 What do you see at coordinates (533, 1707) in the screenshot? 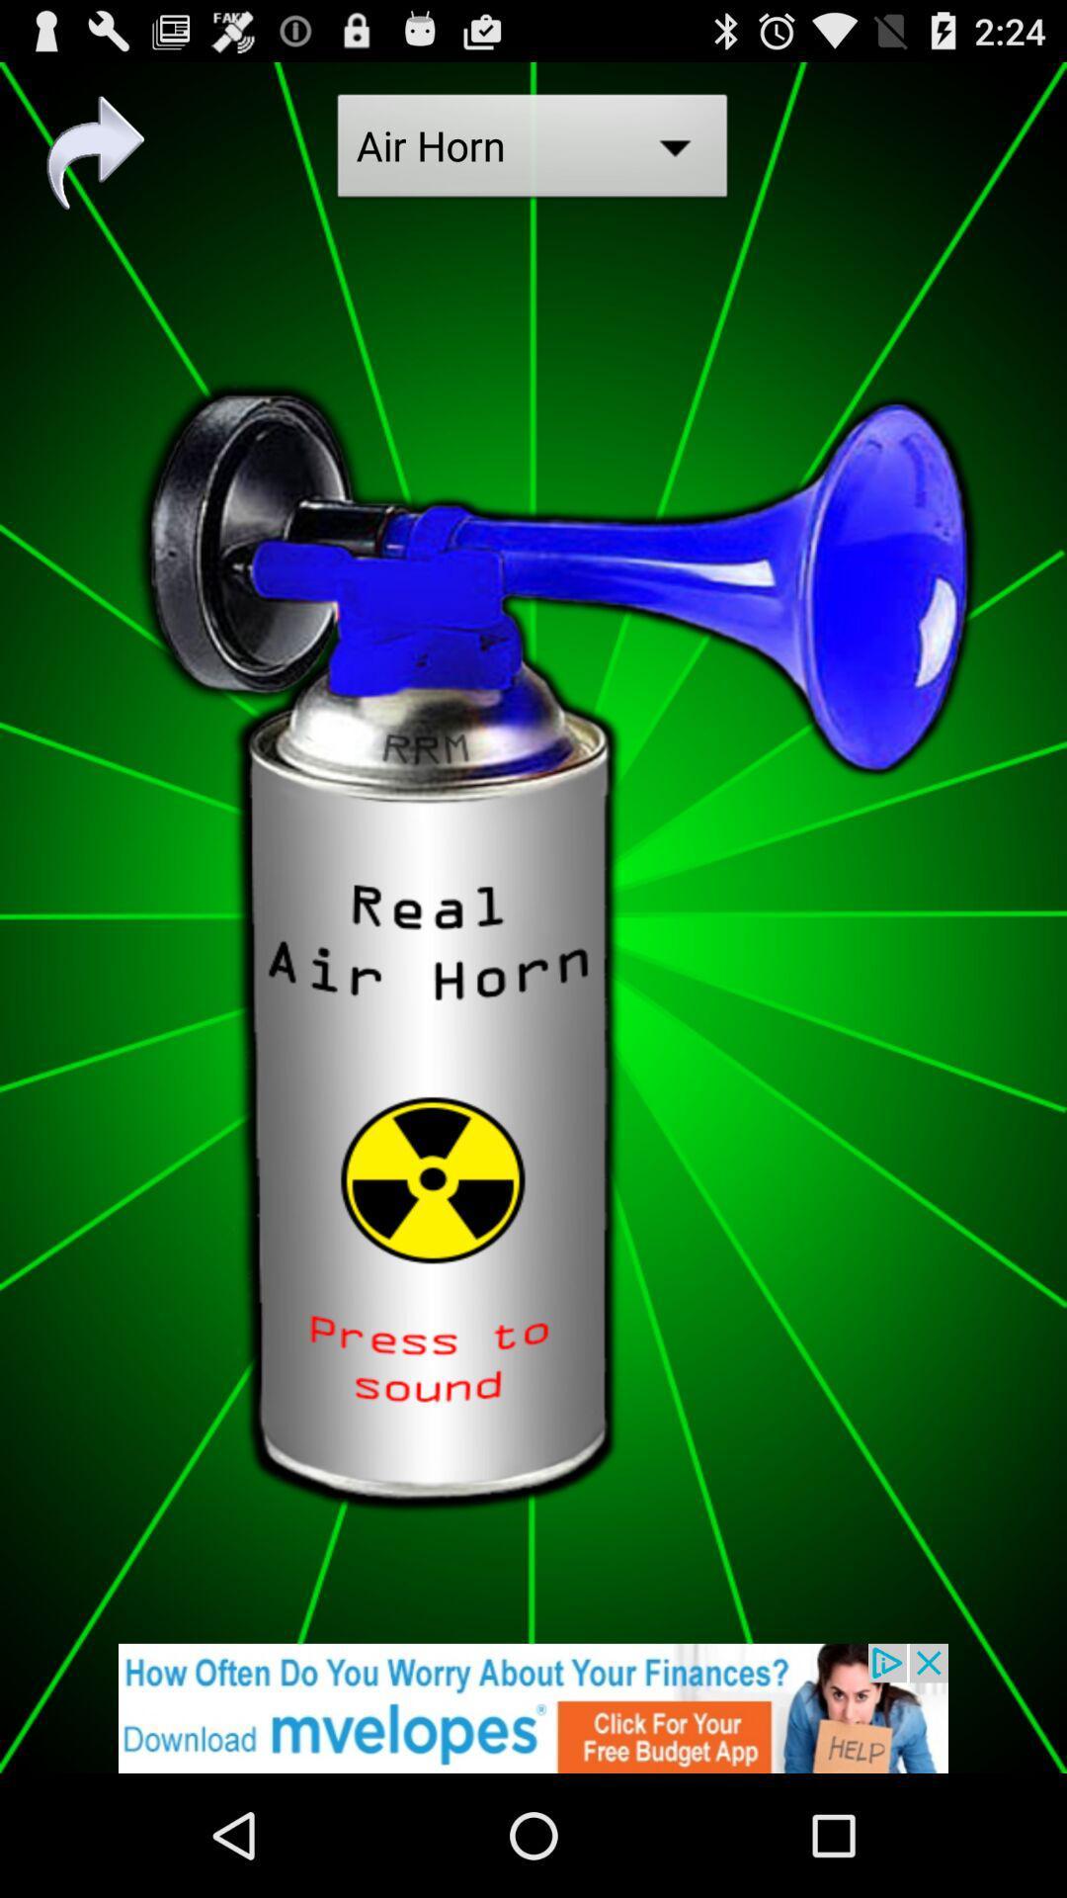
I see `advertisement` at bounding box center [533, 1707].